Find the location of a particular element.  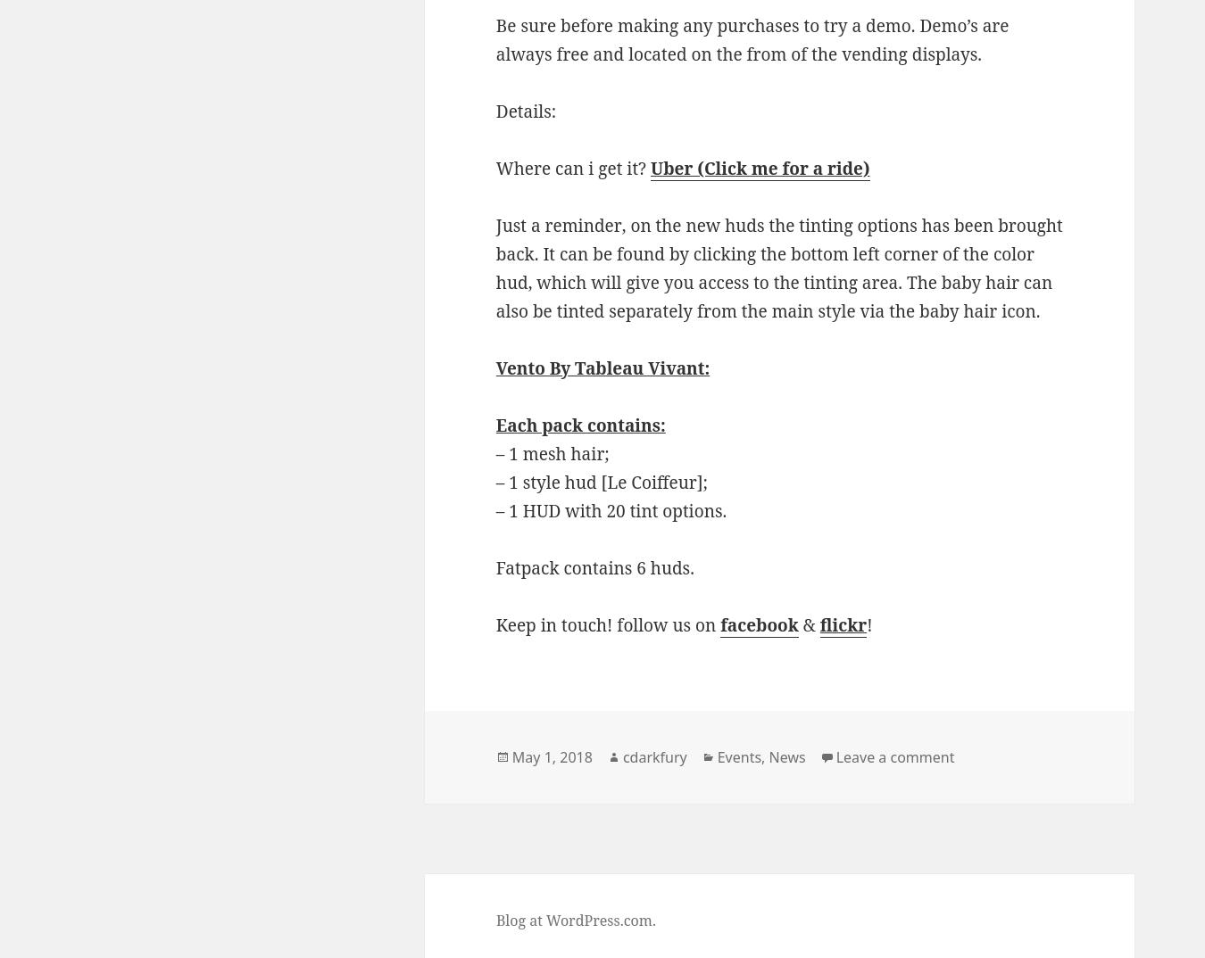

'News' is located at coordinates (786, 756).